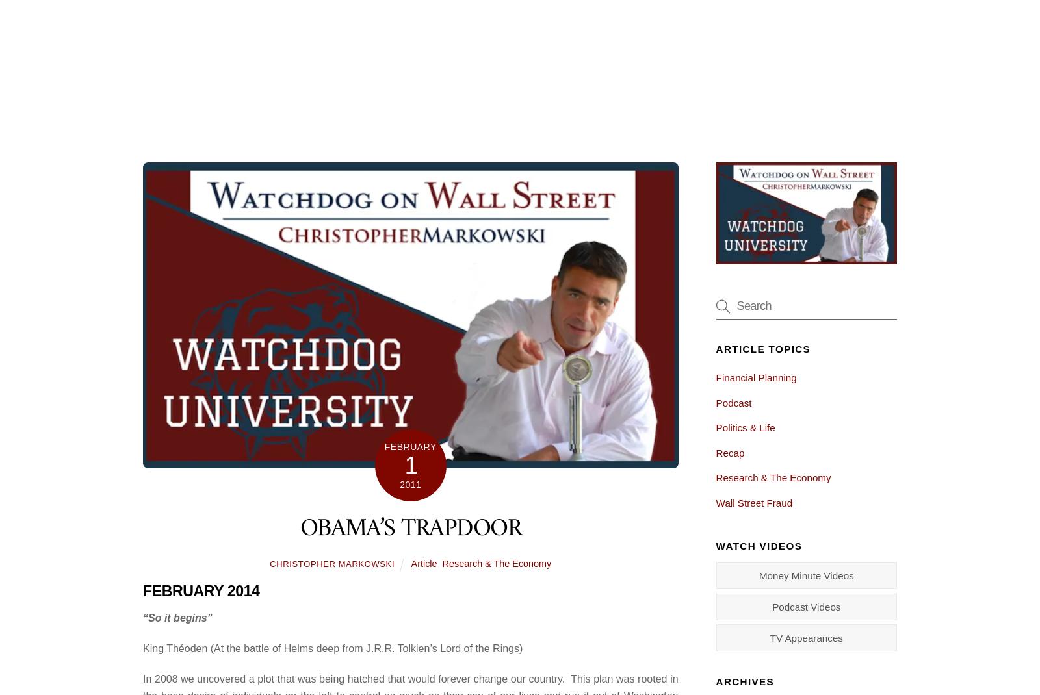 The height and width of the screenshot is (695, 1040). I want to click on 'Accept All', so click(959, 623).